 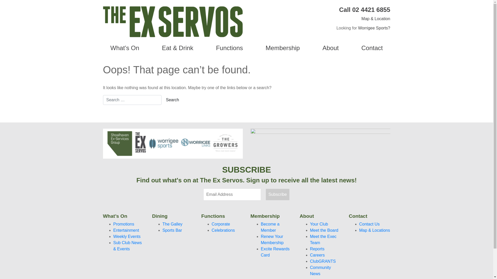 What do you see at coordinates (359, 224) in the screenshot?
I see `'Contact Us'` at bounding box center [359, 224].